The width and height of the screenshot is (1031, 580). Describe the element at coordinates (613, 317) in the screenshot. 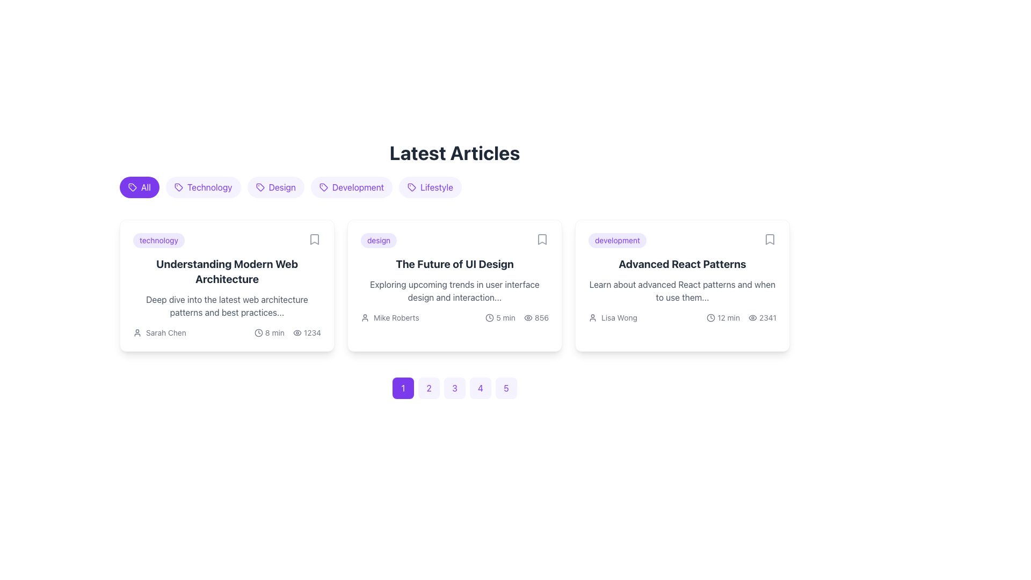

I see `the Author information label with icon and text in the author's information section of the third card titled 'Advanced React Patterns'` at that location.